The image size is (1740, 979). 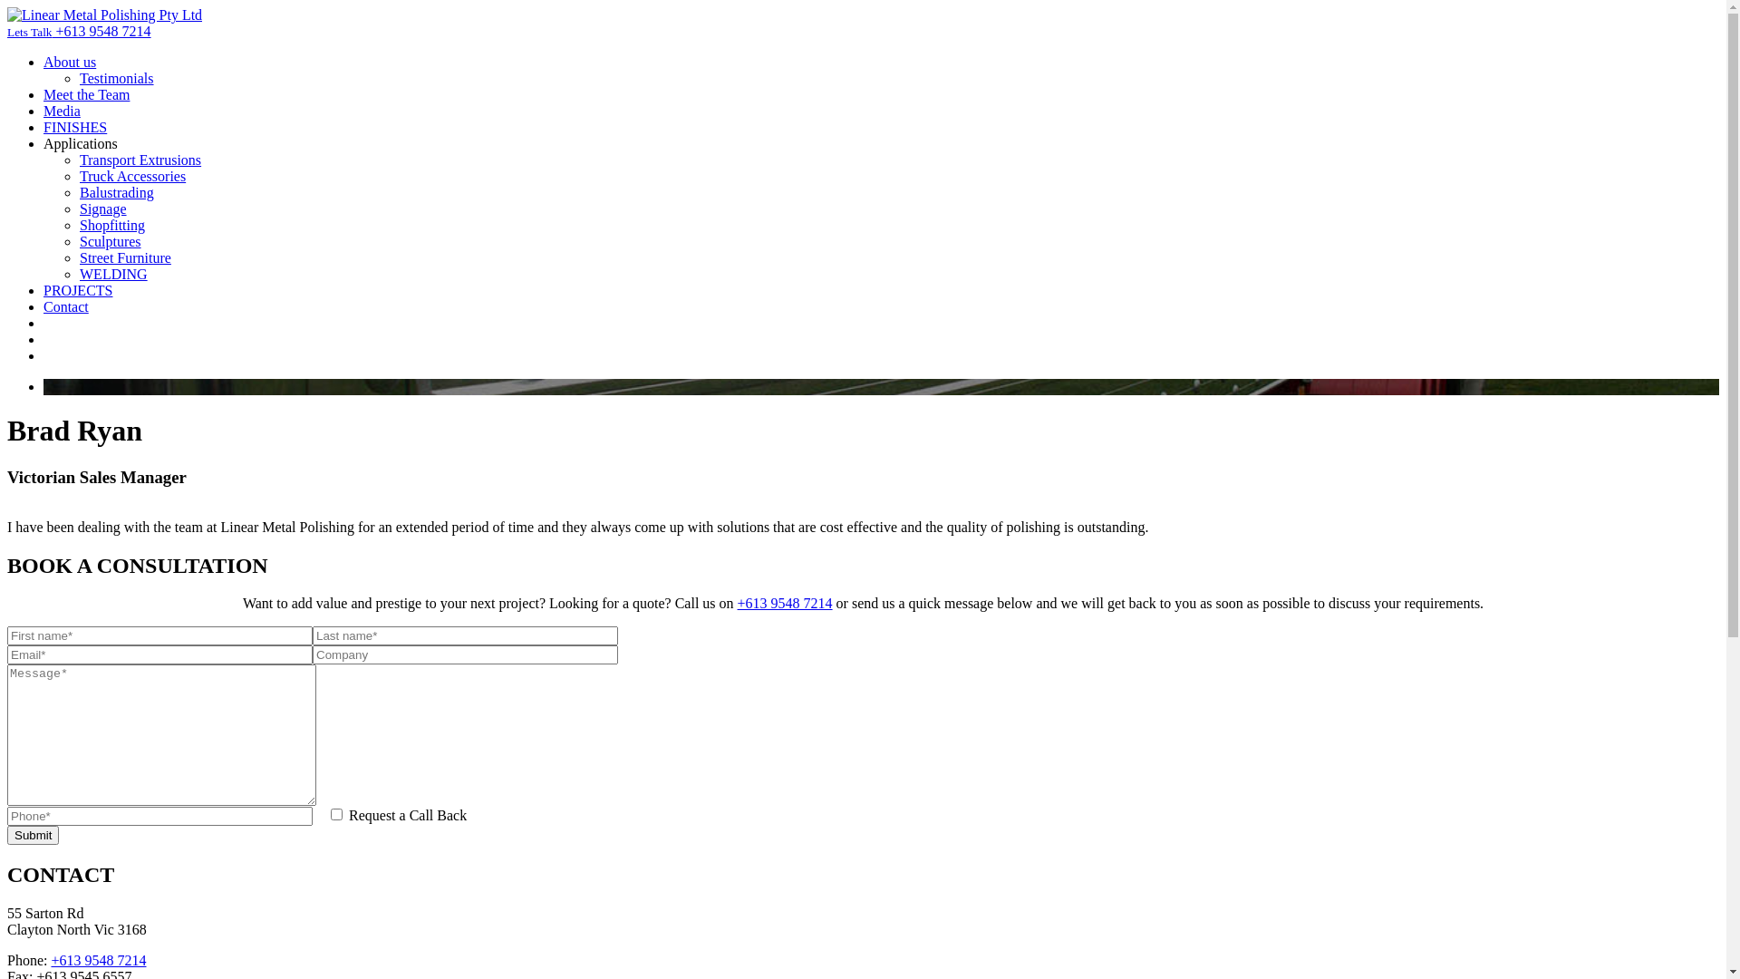 What do you see at coordinates (124, 257) in the screenshot?
I see `'Street Furniture'` at bounding box center [124, 257].